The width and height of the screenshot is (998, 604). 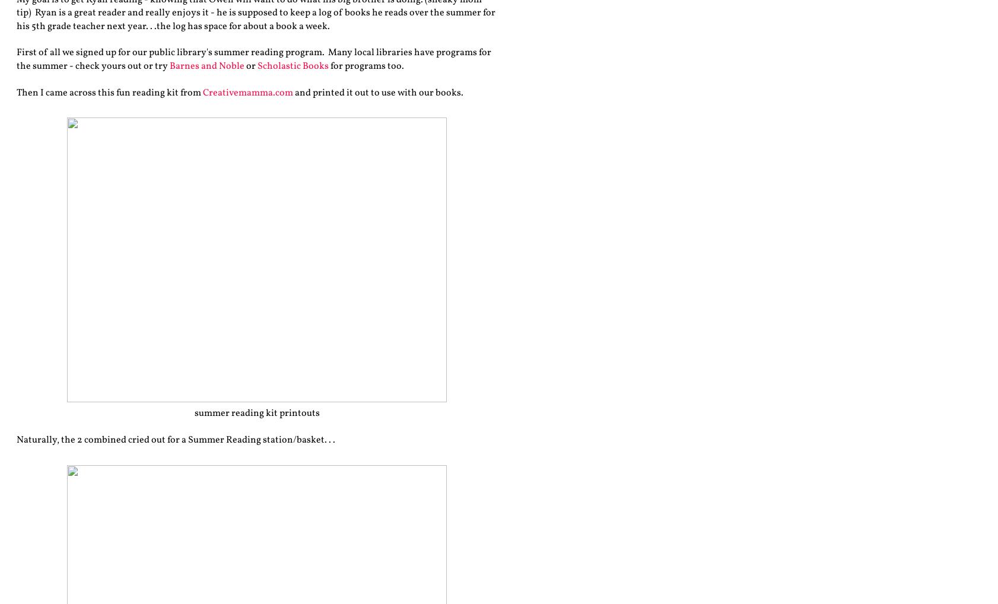 I want to click on 'or', so click(x=251, y=65).